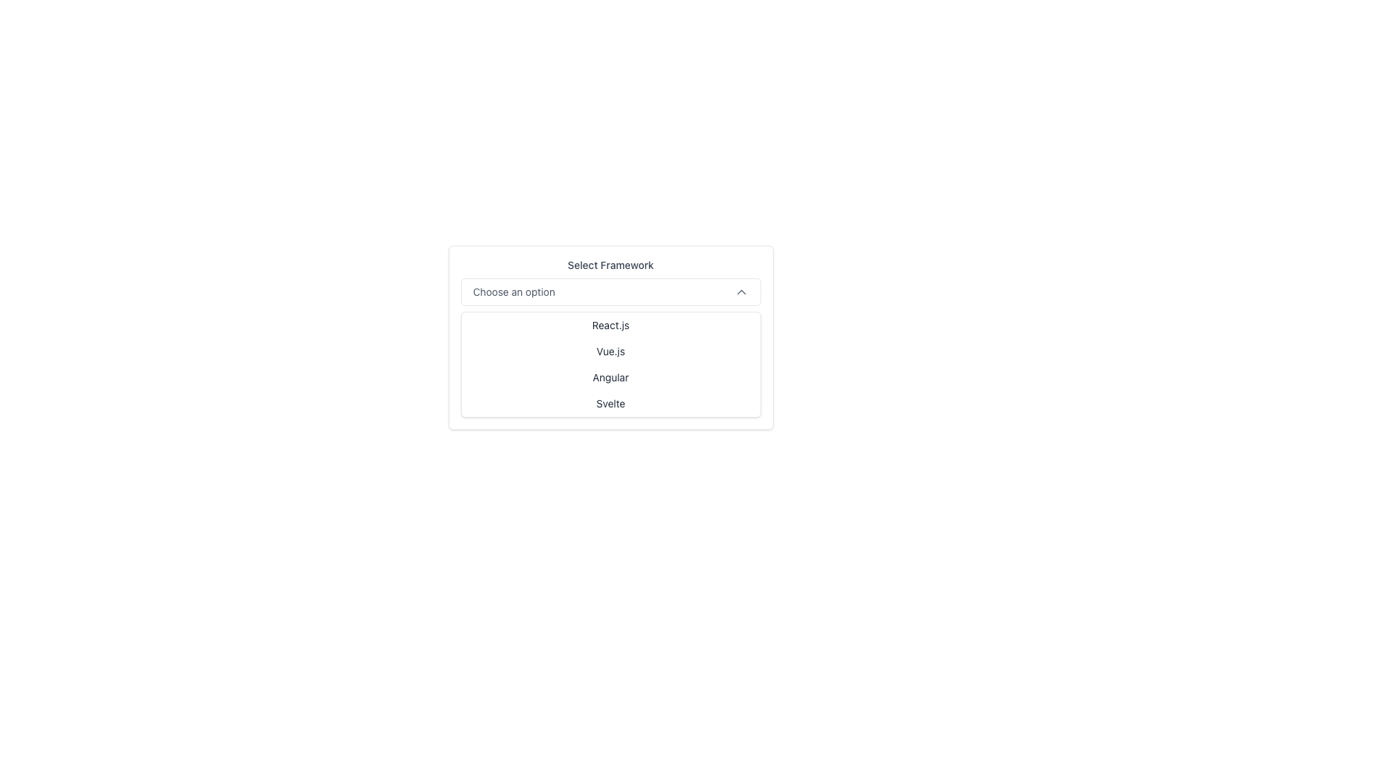  Describe the element at coordinates (610, 352) in the screenshot. I see `the 'Vue.js' option in the dropdown menu titled 'Select Framework'` at that location.